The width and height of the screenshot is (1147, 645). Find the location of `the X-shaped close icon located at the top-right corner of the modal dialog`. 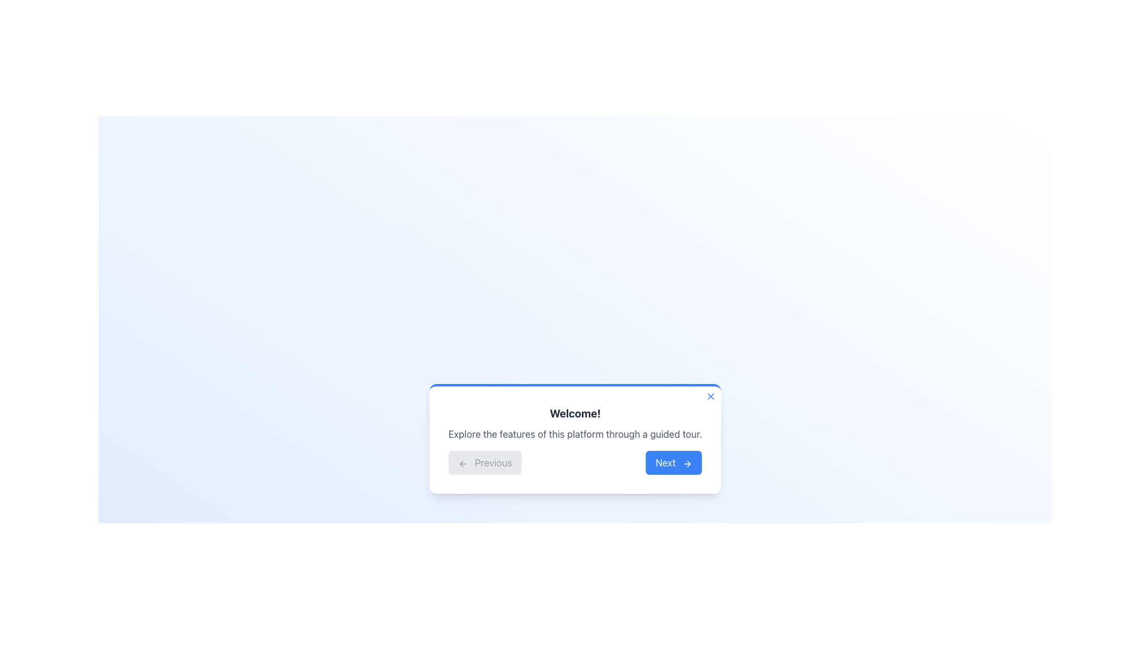

the X-shaped close icon located at the top-right corner of the modal dialog is located at coordinates (711, 396).